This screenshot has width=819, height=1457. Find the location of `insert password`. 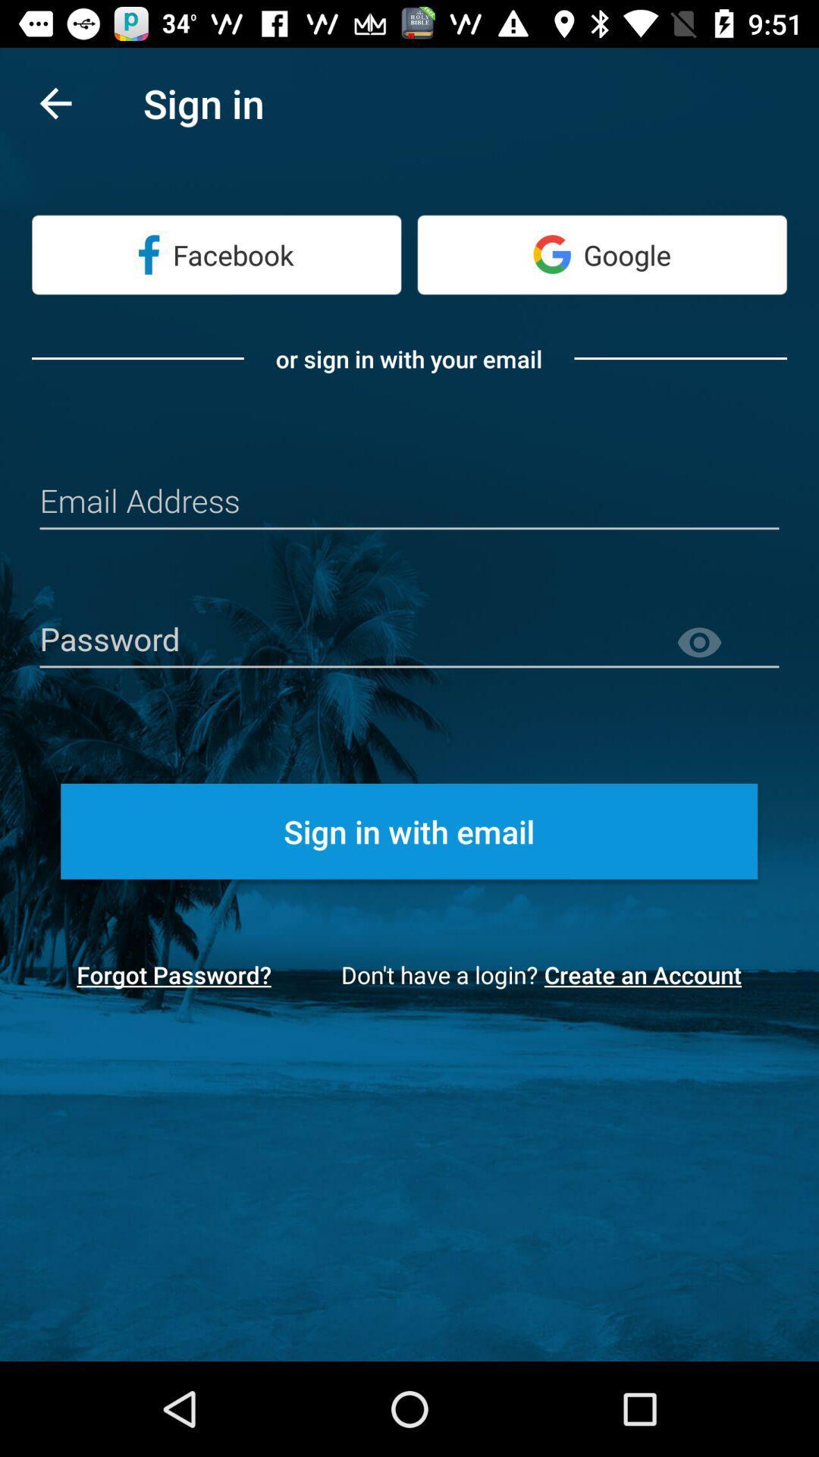

insert password is located at coordinates (409, 640).